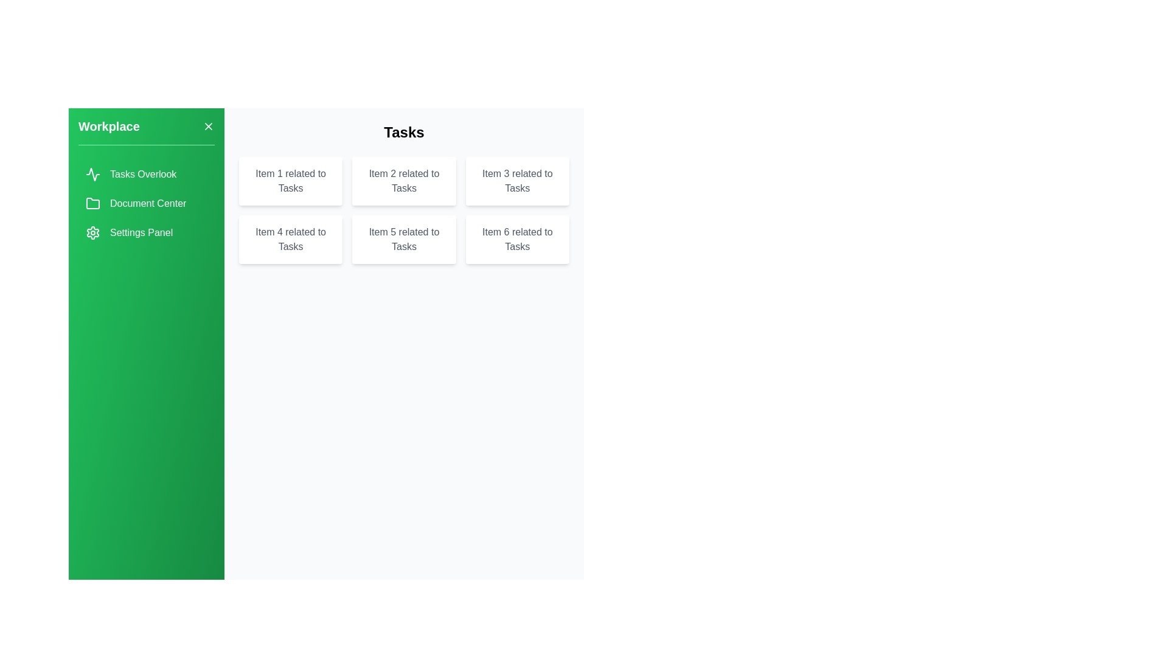 Image resolution: width=1168 pixels, height=657 pixels. What do you see at coordinates (146, 174) in the screenshot?
I see `the Tasks Overlook section from the drawer menu` at bounding box center [146, 174].